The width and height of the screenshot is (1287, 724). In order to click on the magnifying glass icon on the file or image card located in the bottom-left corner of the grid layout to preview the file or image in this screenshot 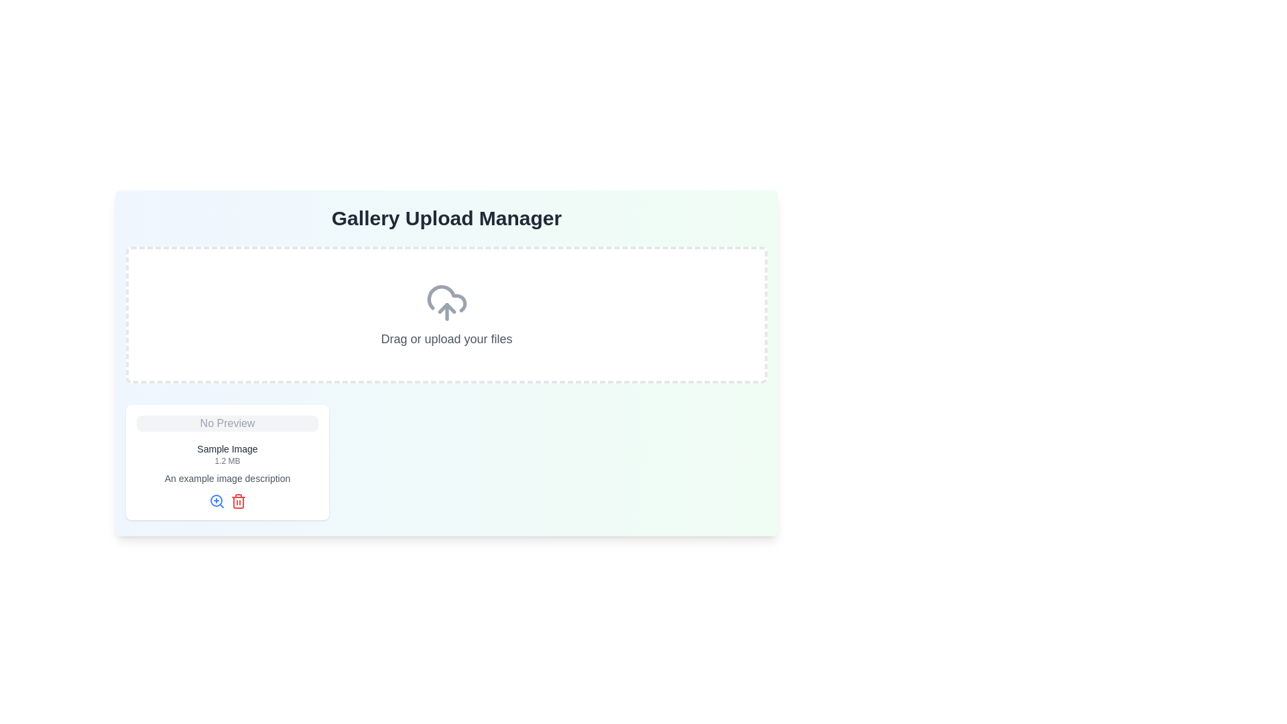, I will do `click(227, 462)`.